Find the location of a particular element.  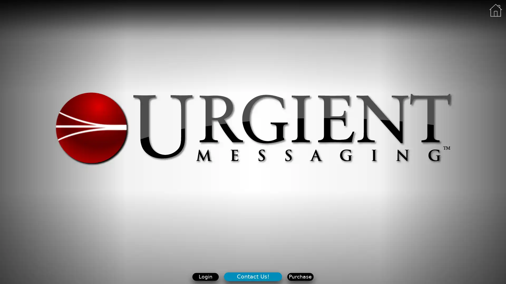

Login is located at coordinates (205, 276).